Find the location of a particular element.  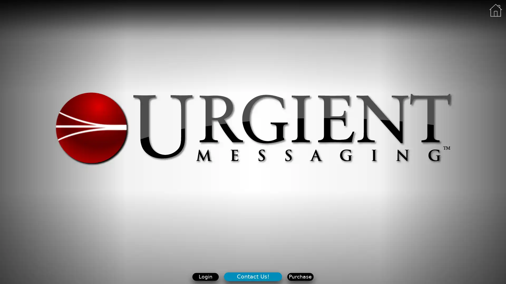

Login is located at coordinates (205, 276).